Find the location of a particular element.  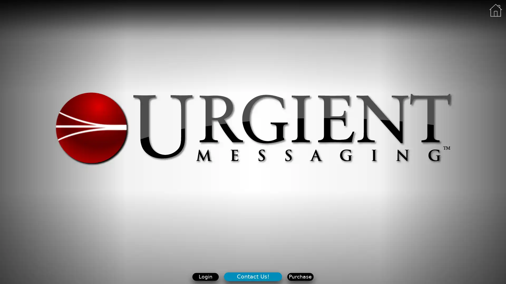

Login is located at coordinates (205, 276).